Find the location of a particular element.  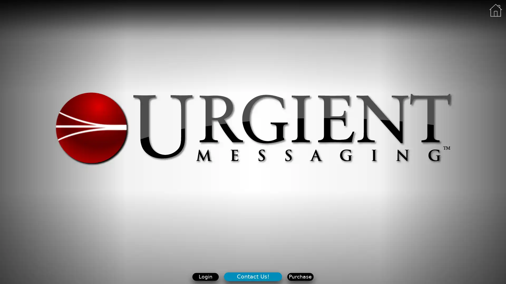

Login is located at coordinates (205, 276).